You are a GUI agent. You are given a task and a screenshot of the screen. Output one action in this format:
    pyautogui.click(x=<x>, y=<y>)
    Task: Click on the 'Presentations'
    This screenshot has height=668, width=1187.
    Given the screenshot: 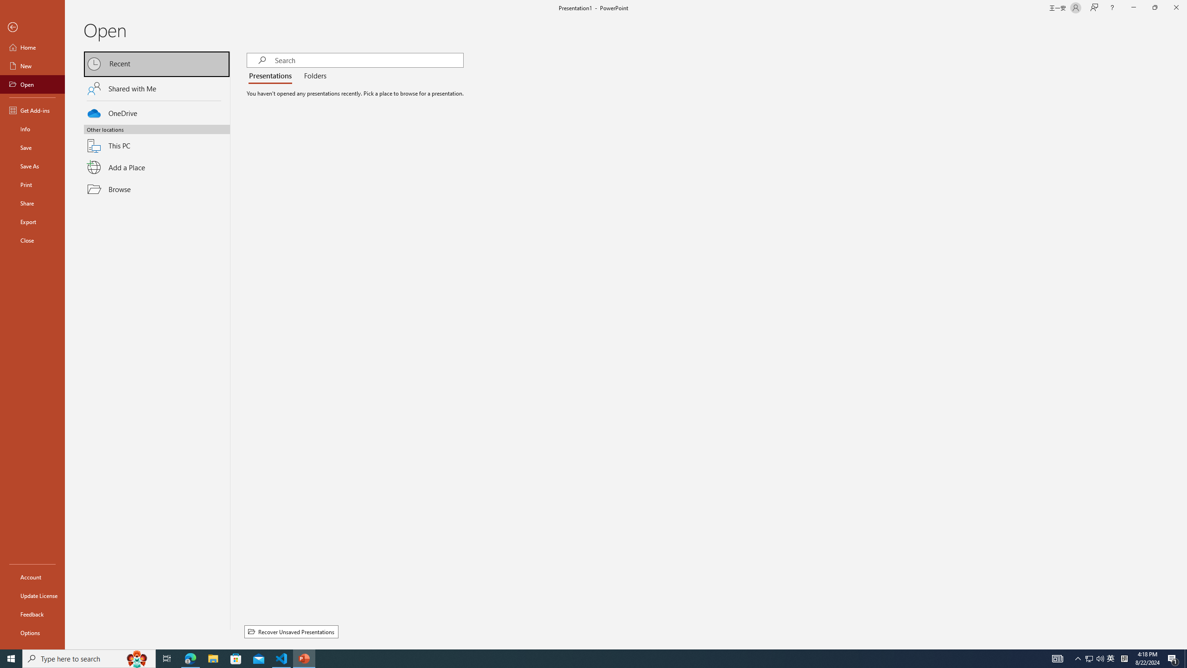 What is the action you would take?
    pyautogui.click(x=272, y=76)
    